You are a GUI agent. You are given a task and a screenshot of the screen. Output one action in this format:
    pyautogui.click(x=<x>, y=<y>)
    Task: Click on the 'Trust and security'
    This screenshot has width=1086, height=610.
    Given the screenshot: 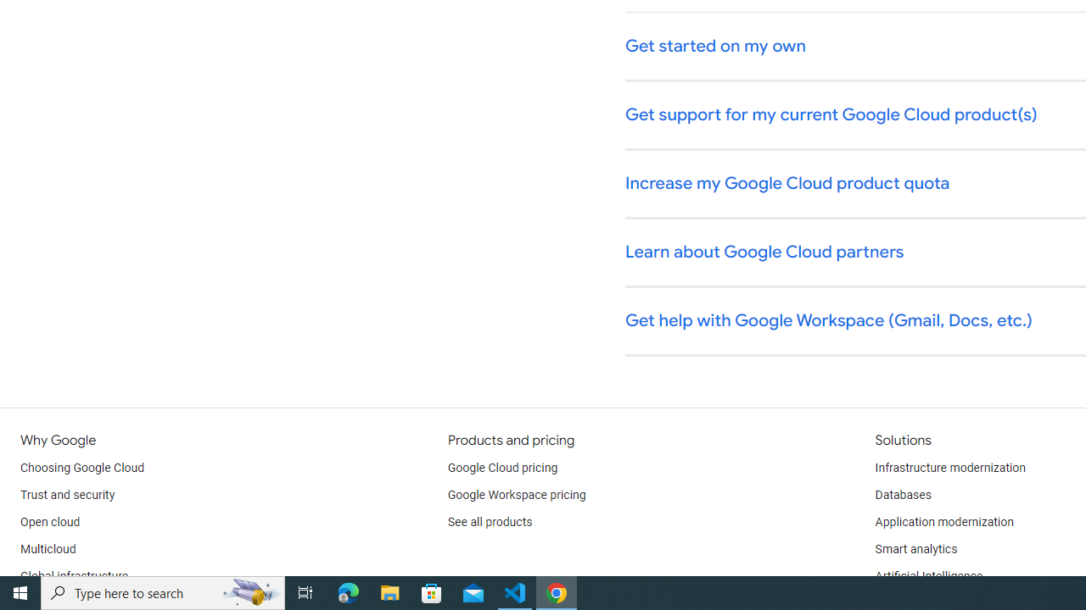 What is the action you would take?
    pyautogui.click(x=68, y=496)
    